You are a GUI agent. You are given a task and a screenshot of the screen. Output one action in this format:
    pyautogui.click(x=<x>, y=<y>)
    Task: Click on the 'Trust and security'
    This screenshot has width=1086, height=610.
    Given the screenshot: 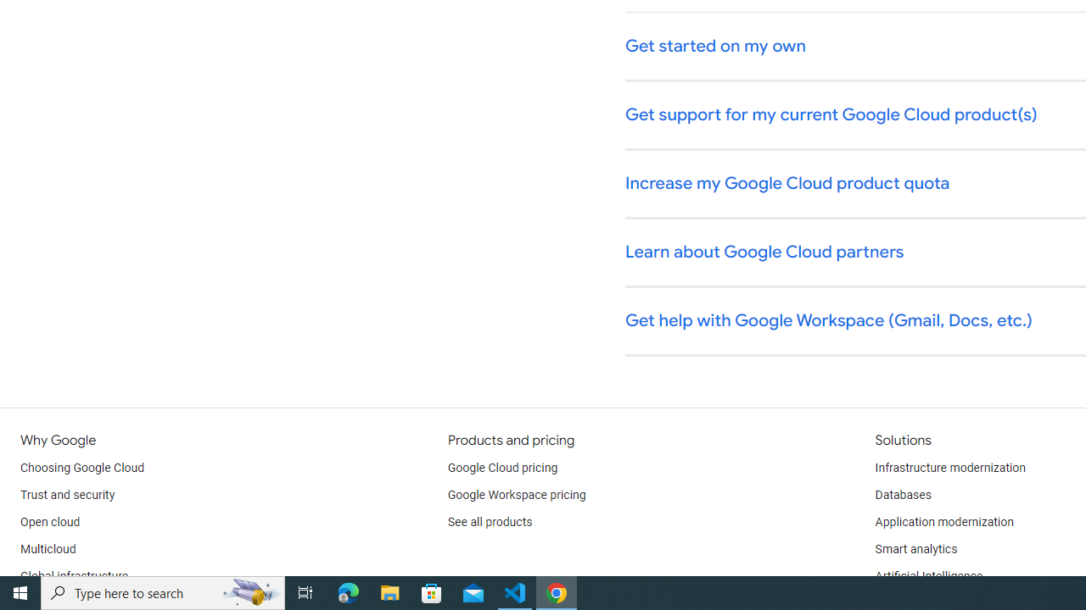 What is the action you would take?
    pyautogui.click(x=68, y=496)
    